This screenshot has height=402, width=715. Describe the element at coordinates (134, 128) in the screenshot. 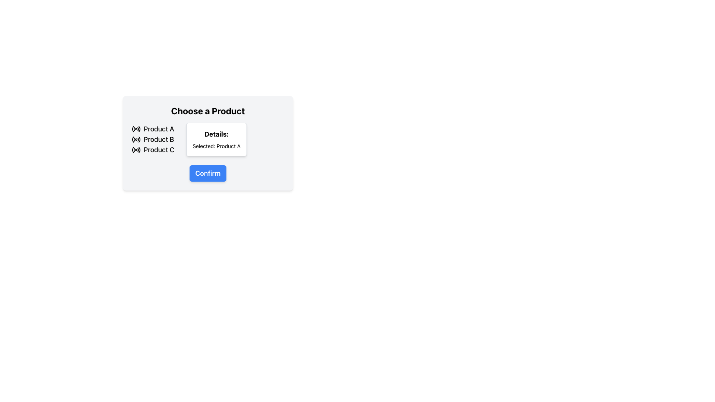

I see `the decorative curve icon component within the central circular SVG icon that is adjacent to the text 'Product A'` at that location.